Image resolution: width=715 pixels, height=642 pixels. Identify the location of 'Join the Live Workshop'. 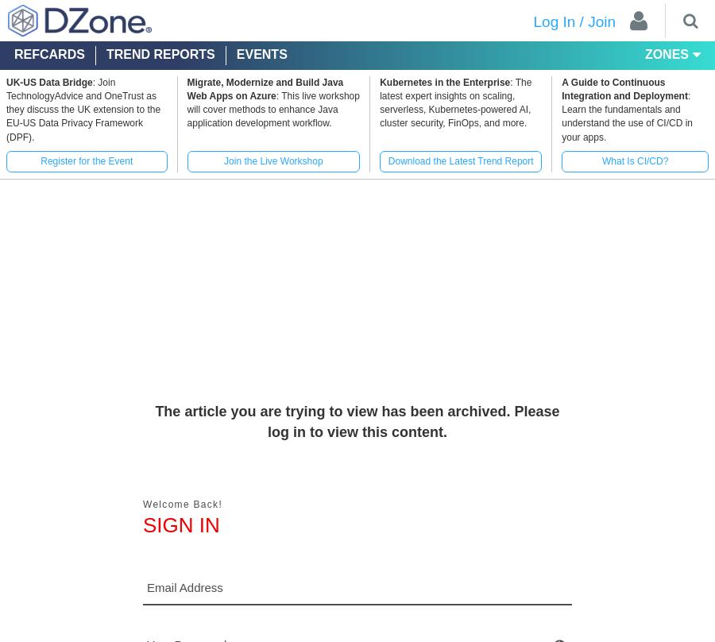
(222, 160).